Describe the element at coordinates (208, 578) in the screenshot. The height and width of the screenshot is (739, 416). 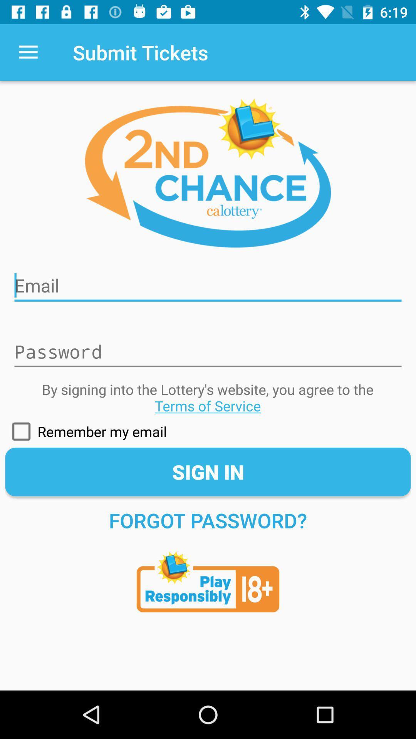
I see `terms of age` at that location.